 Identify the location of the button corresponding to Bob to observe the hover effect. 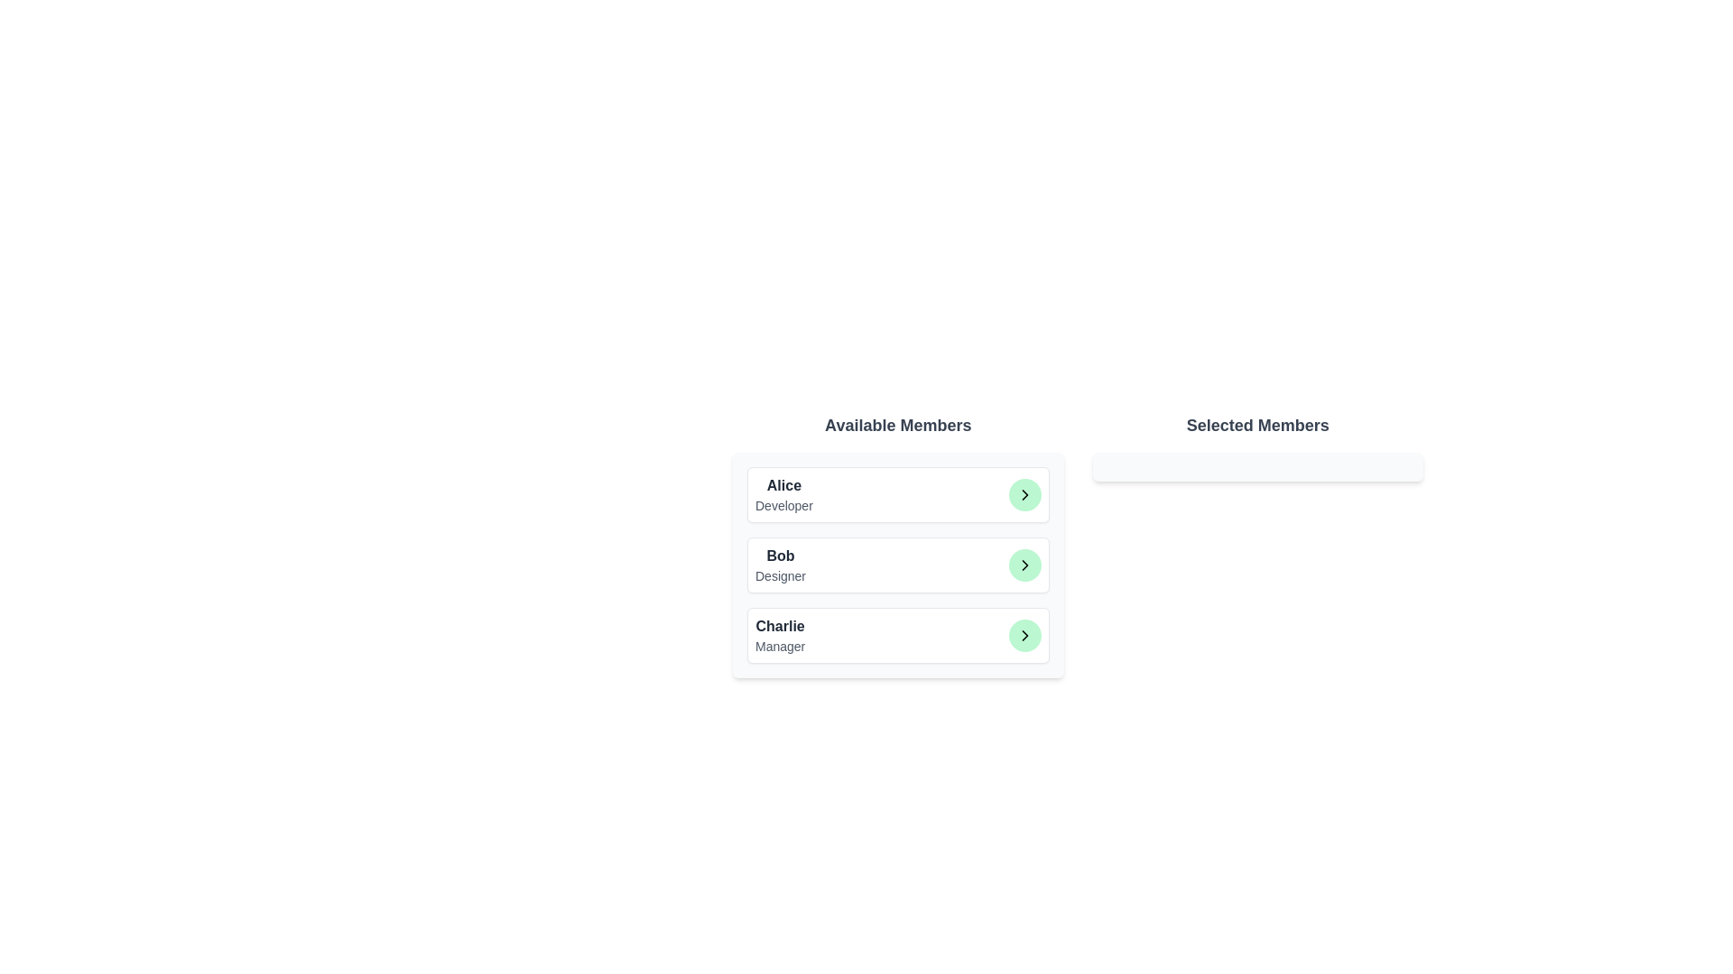
(1024, 565).